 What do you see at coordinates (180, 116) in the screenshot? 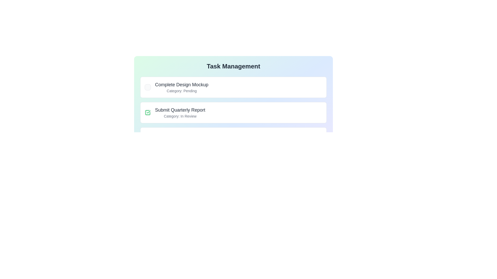
I see `the text label indicating the status of the task 'Submit Quarterly Report', located directly beneath the 'Submit Quarterly Report' heading` at bounding box center [180, 116].